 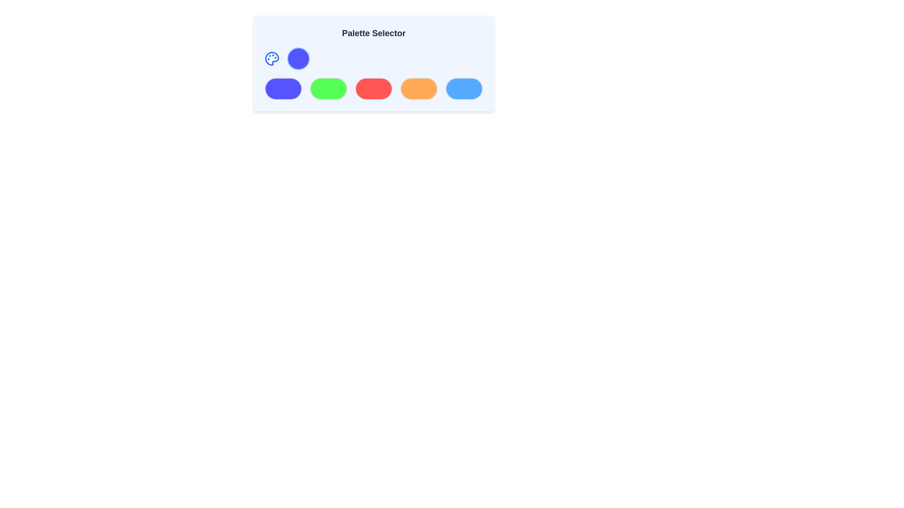 I want to click on the third circular button in the Palette Selector, so click(x=373, y=89).